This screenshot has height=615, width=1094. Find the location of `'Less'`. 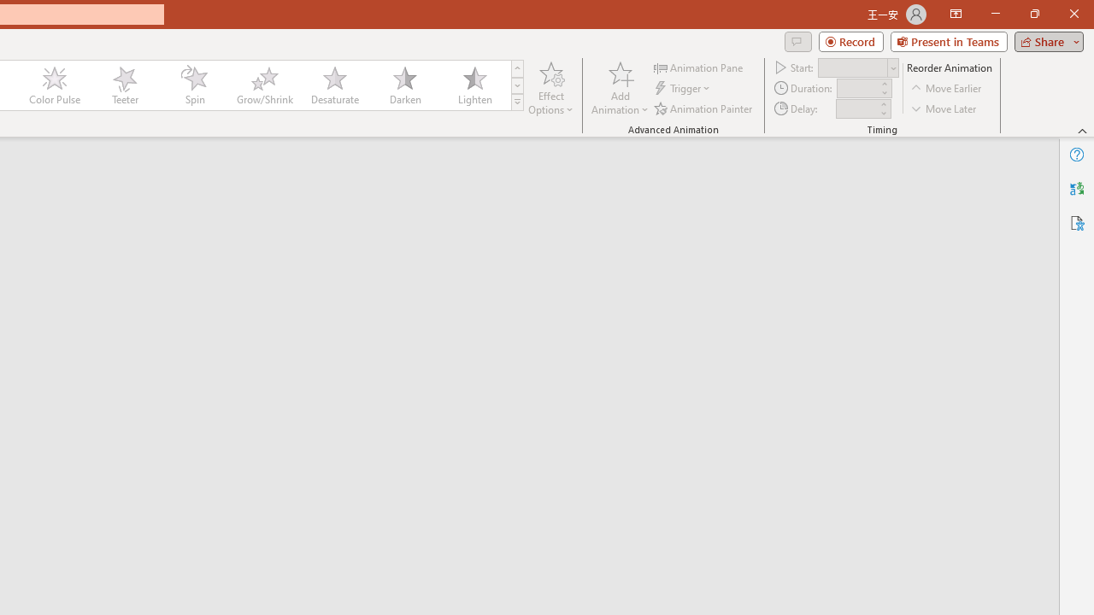

'Less' is located at coordinates (883, 113).